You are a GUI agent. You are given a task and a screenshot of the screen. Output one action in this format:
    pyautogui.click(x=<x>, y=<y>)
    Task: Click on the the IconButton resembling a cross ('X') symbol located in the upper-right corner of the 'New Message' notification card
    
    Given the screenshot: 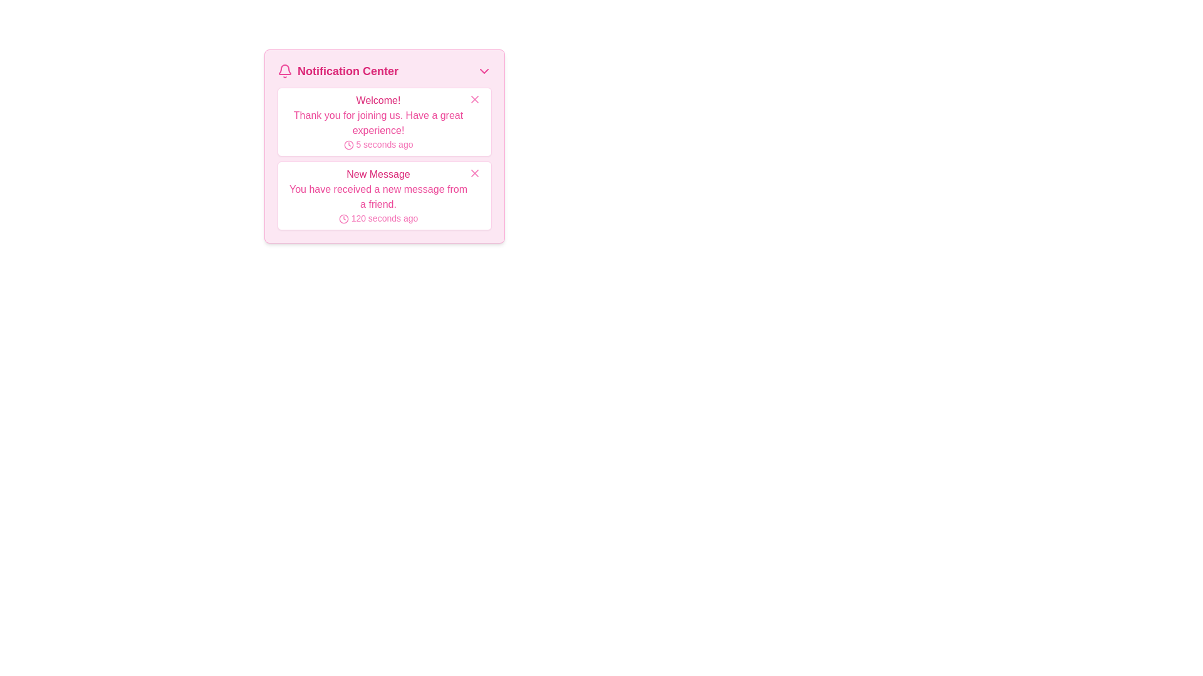 What is the action you would take?
    pyautogui.click(x=474, y=173)
    